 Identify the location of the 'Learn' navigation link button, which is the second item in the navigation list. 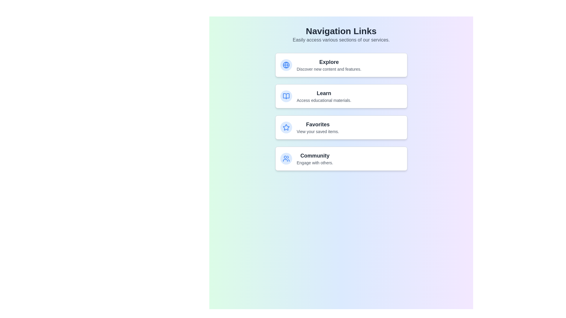
(341, 98).